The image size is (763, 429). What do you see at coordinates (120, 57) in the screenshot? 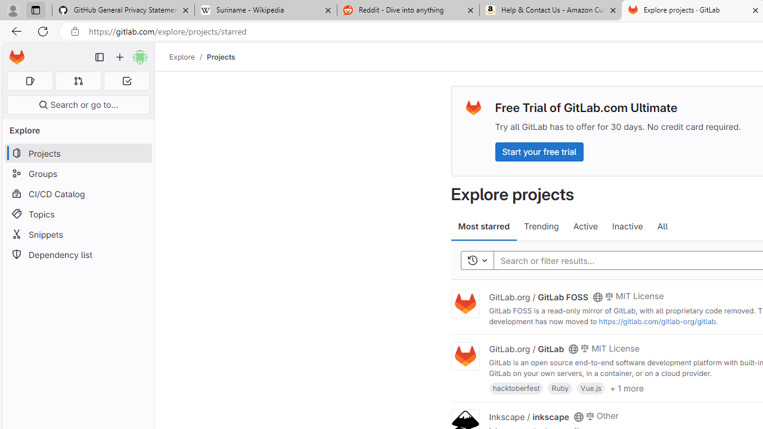
I see `'Create new...'` at bounding box center [120, 57].